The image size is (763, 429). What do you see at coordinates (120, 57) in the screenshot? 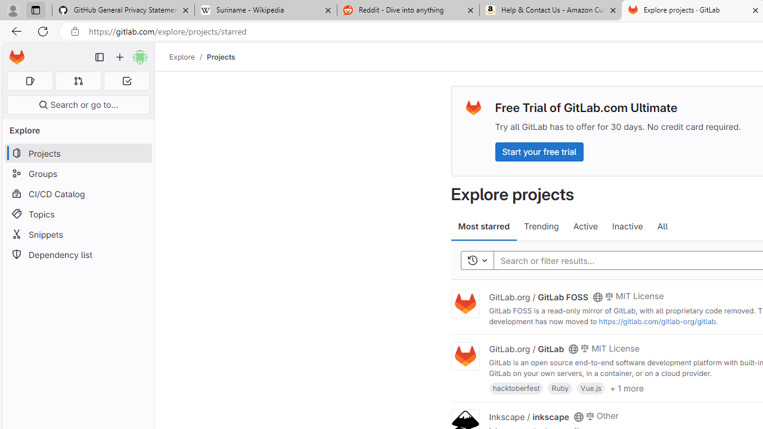
I see `'Create new...'` at bounding box center [120, 57].